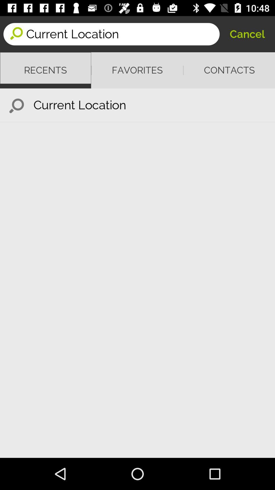 The width and height of the screenshot is (275, 490). I want to click on the item to the left of the current location, so click(16, 105).